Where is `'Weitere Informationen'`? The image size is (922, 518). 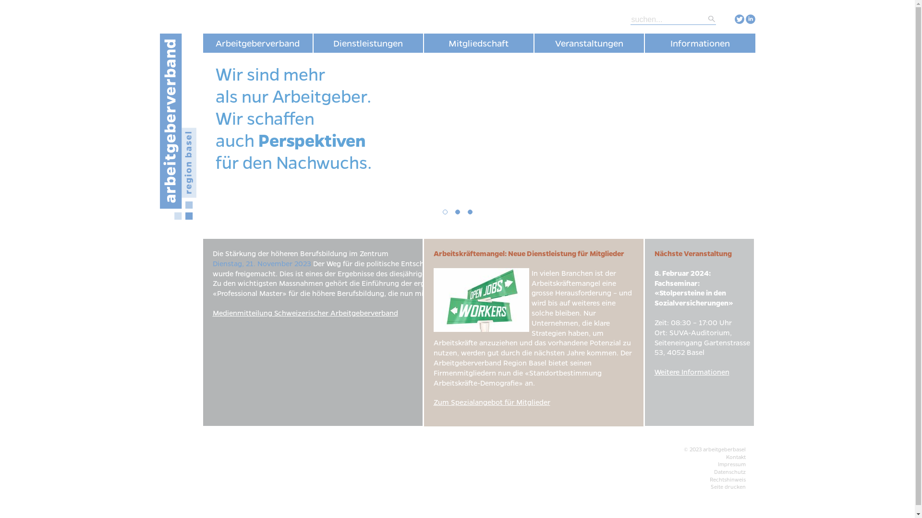
'Weitere Informationen' is located at coordinates (691, 371).